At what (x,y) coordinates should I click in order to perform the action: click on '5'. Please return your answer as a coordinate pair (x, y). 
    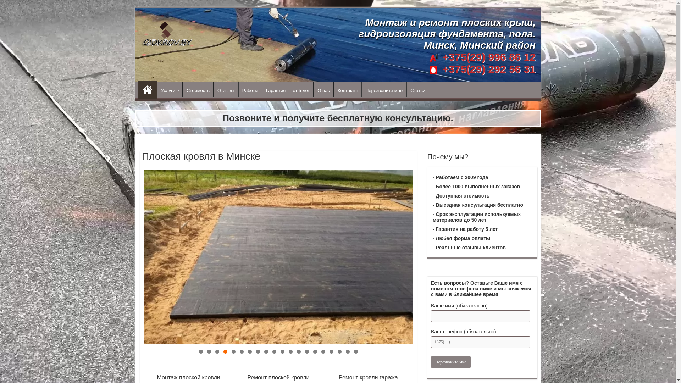
    Looking at the image, I should click on (233, 351).